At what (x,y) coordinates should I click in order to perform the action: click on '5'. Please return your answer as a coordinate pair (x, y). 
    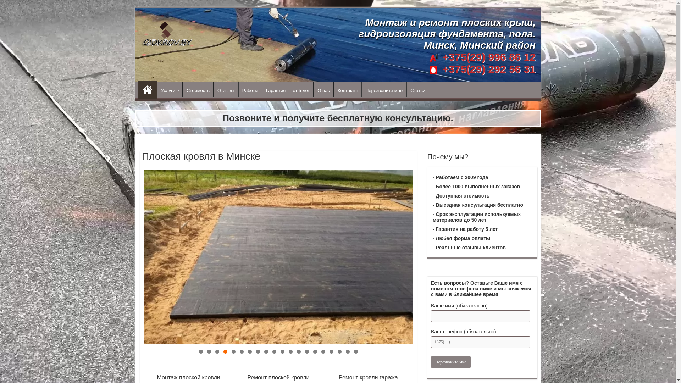
    Looking at the image, I should click on (233, 351).